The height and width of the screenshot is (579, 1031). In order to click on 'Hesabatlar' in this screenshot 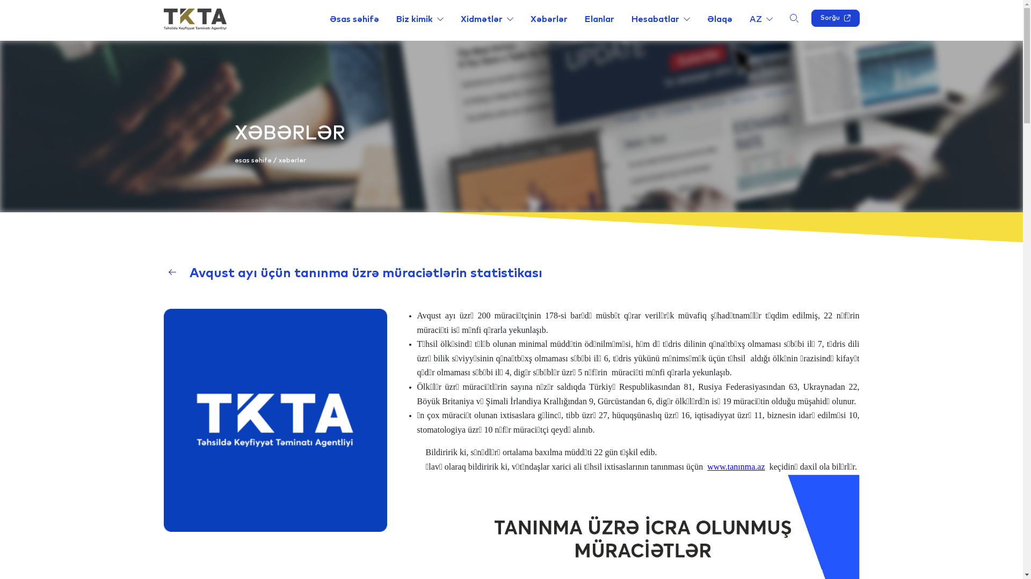, I will do `click(660, 19)`.